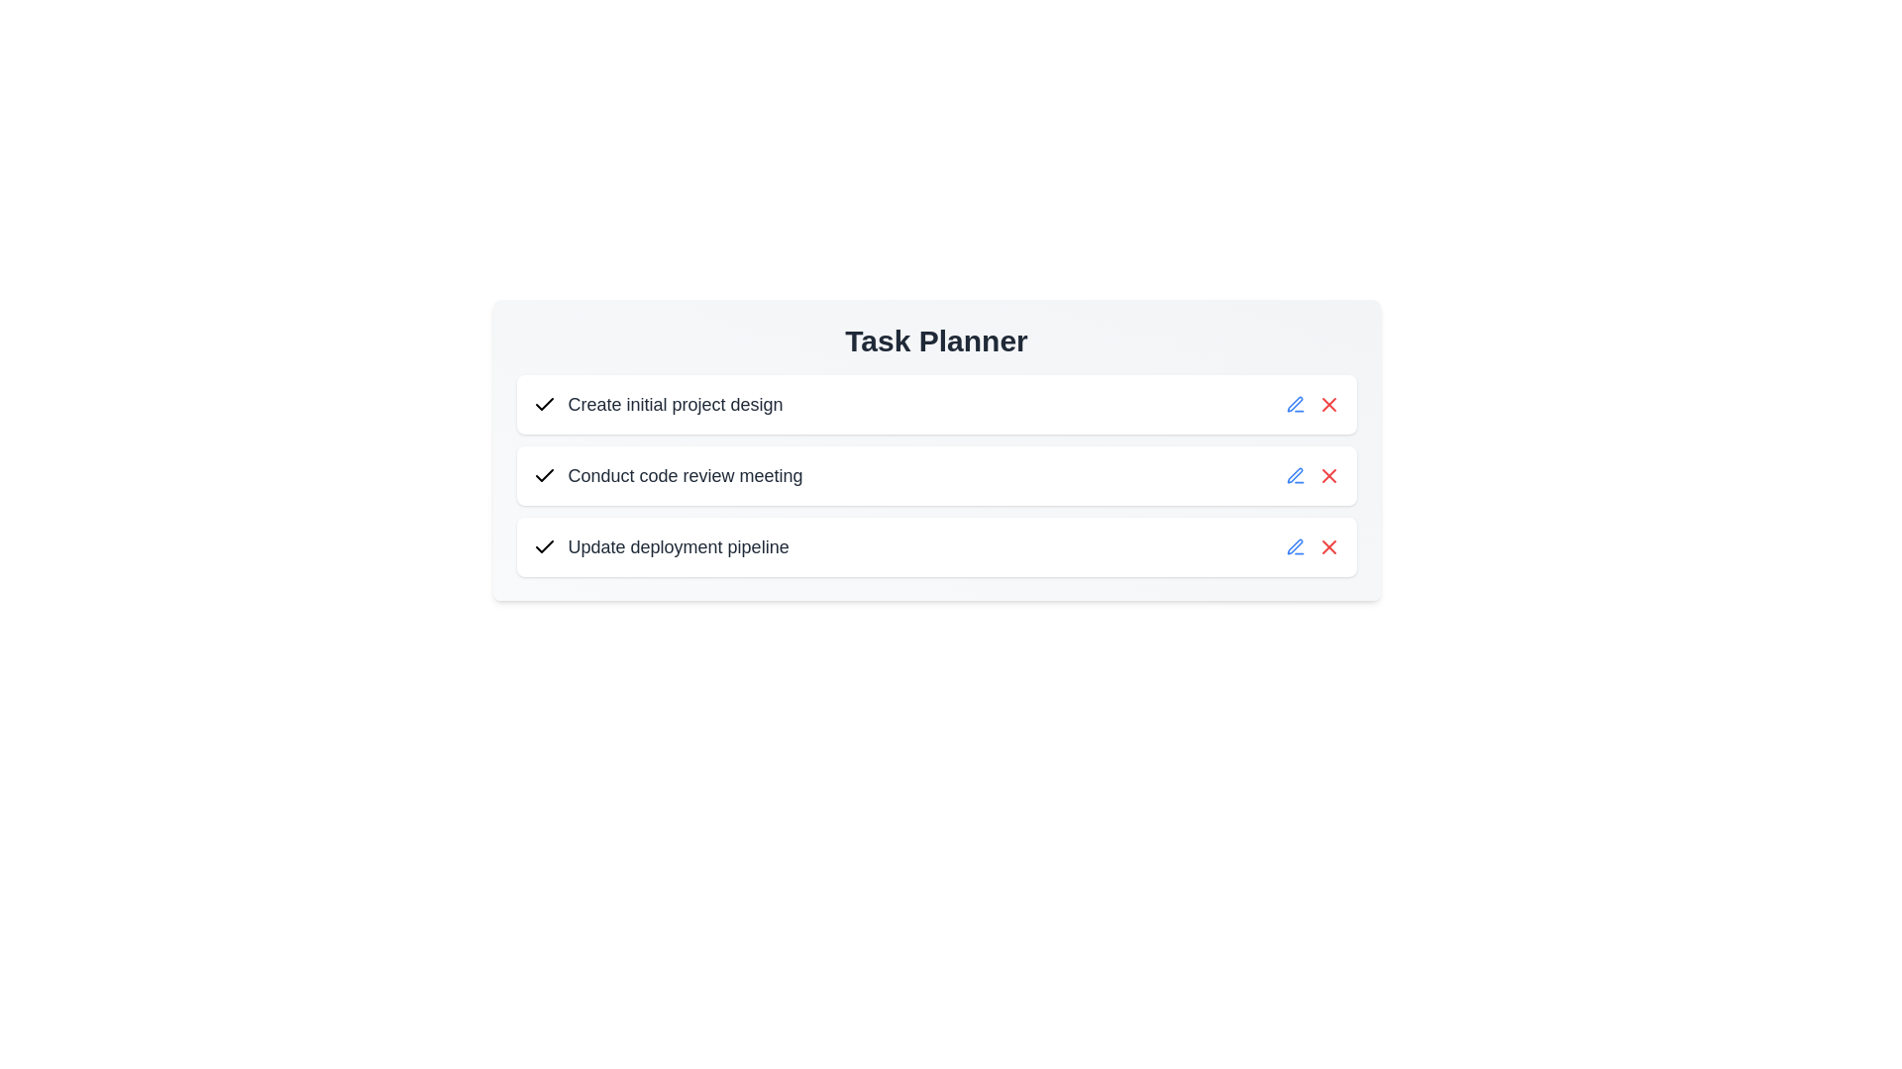  I want to click on the text label that describes the third task in the task list under the 'Task Planner' heading to read its details, so click(679, 546).